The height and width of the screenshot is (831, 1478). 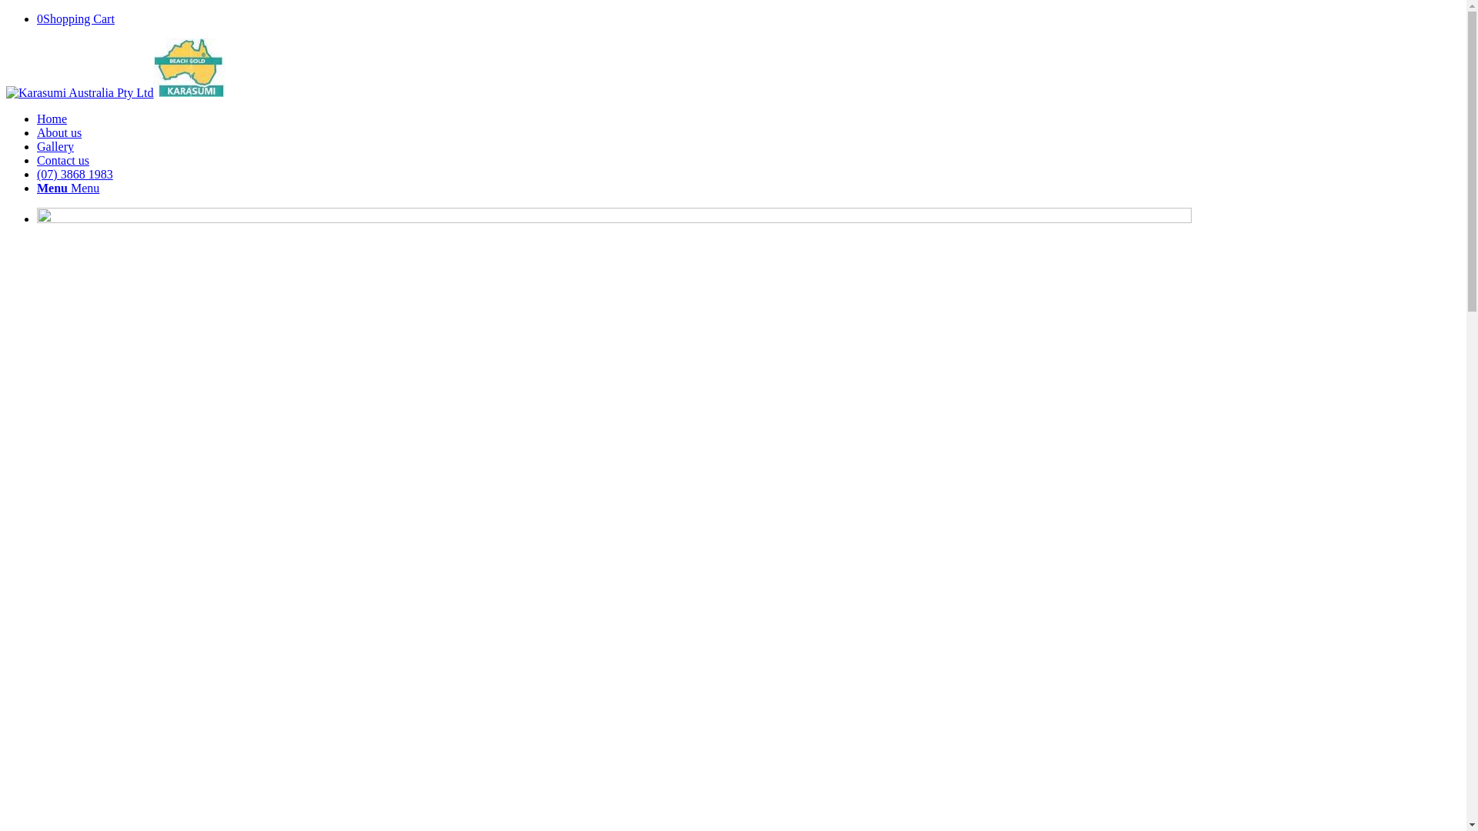 What do you see at coordinates (55, 146) in the screenshot?
I see `'Gallery'` at bounding box center [55, 146].